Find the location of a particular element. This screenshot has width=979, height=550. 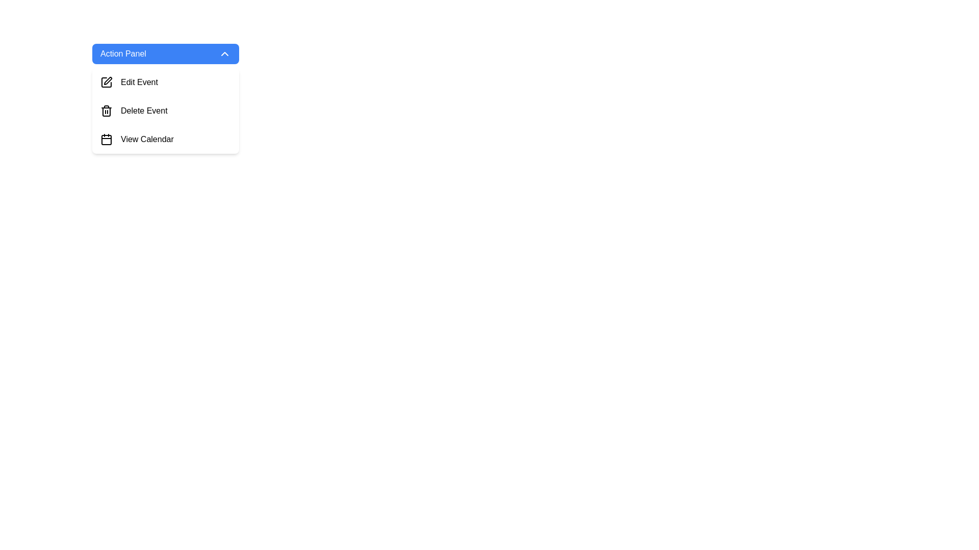

the 'Delete Event' clickable list item within the dropdown menu is located at coordinates (166, 98).